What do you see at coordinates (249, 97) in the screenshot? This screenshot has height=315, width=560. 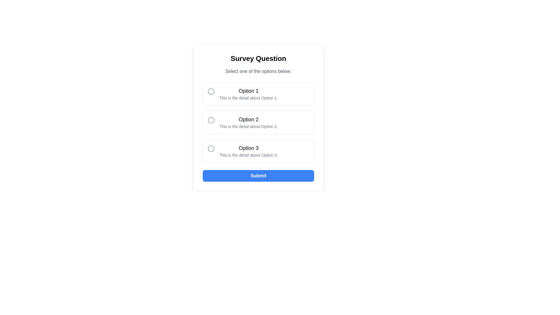 I see `the descriptive text label providing additional details about 'Option 1', located in the first rectangular card under the larger text 'Option 1'` at bounding box center [249, 97].